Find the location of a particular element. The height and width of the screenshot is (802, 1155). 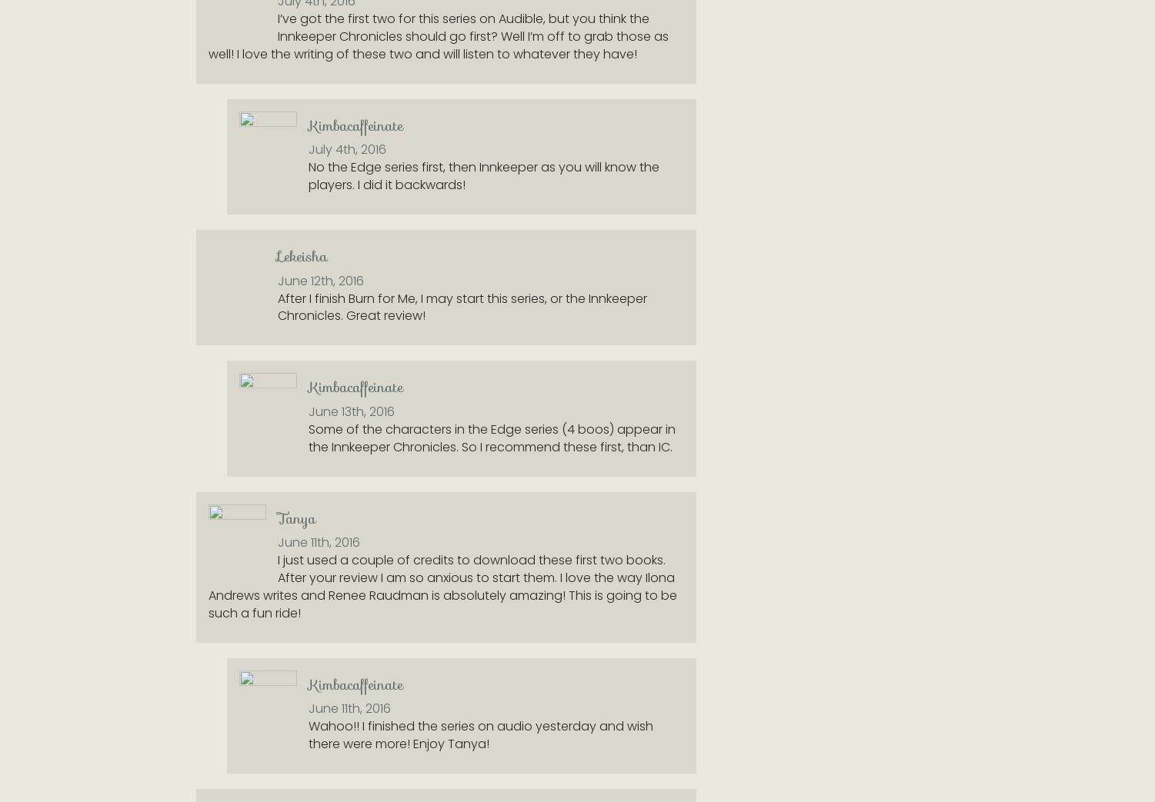

'Tanya' is located at coordinates (296, 517).